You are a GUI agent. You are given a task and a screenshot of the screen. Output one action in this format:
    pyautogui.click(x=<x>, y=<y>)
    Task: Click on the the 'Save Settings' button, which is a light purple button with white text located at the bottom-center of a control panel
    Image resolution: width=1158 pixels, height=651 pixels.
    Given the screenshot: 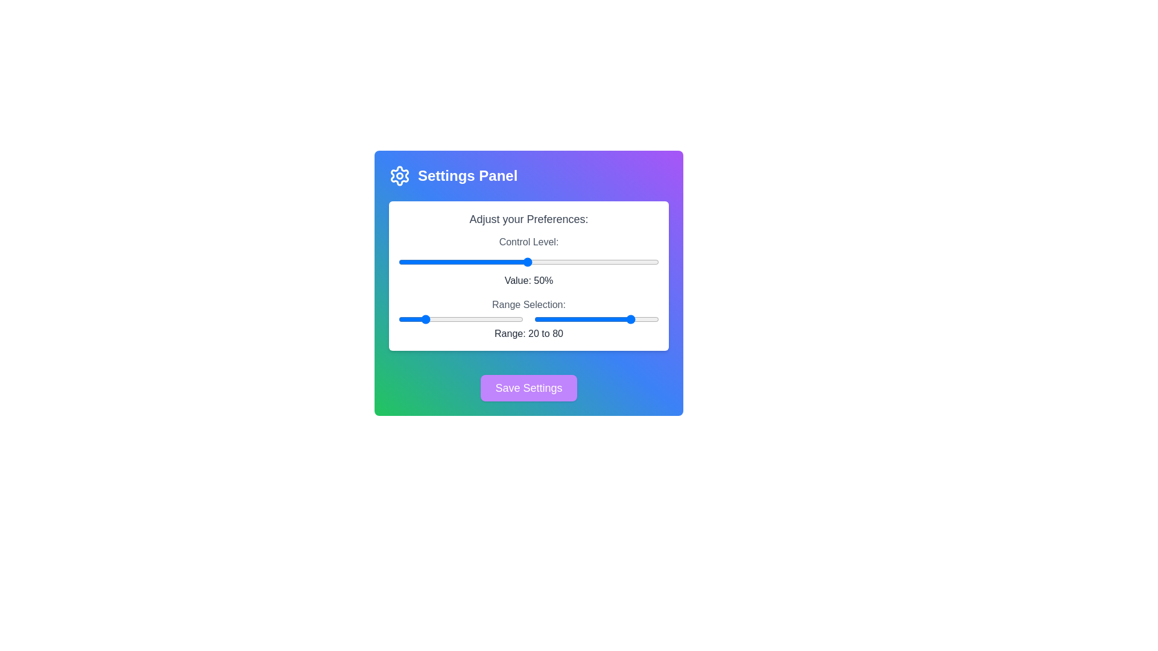 What is the action you would take?
    pyautogui.click(x=529, y=388)
    